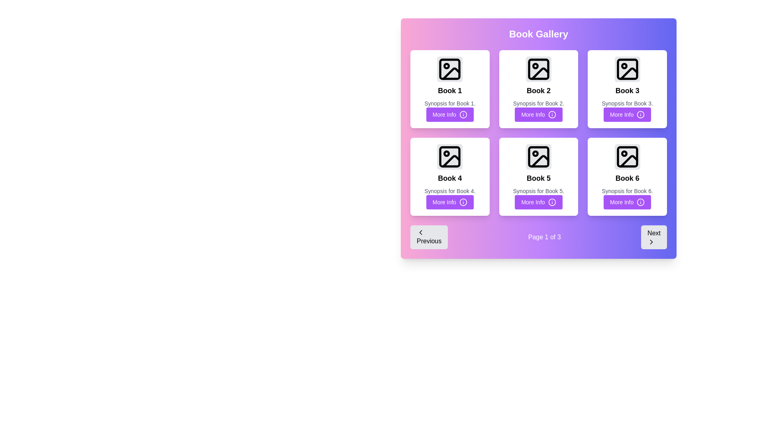 The width and height of the screenshot is (765, 430). Describe the element at coordinates (450, 90) in the screenshot. I see `the static text label displaying 'Book 1', which is located in the first row, first column of a grid layout within a card layout` at that location.